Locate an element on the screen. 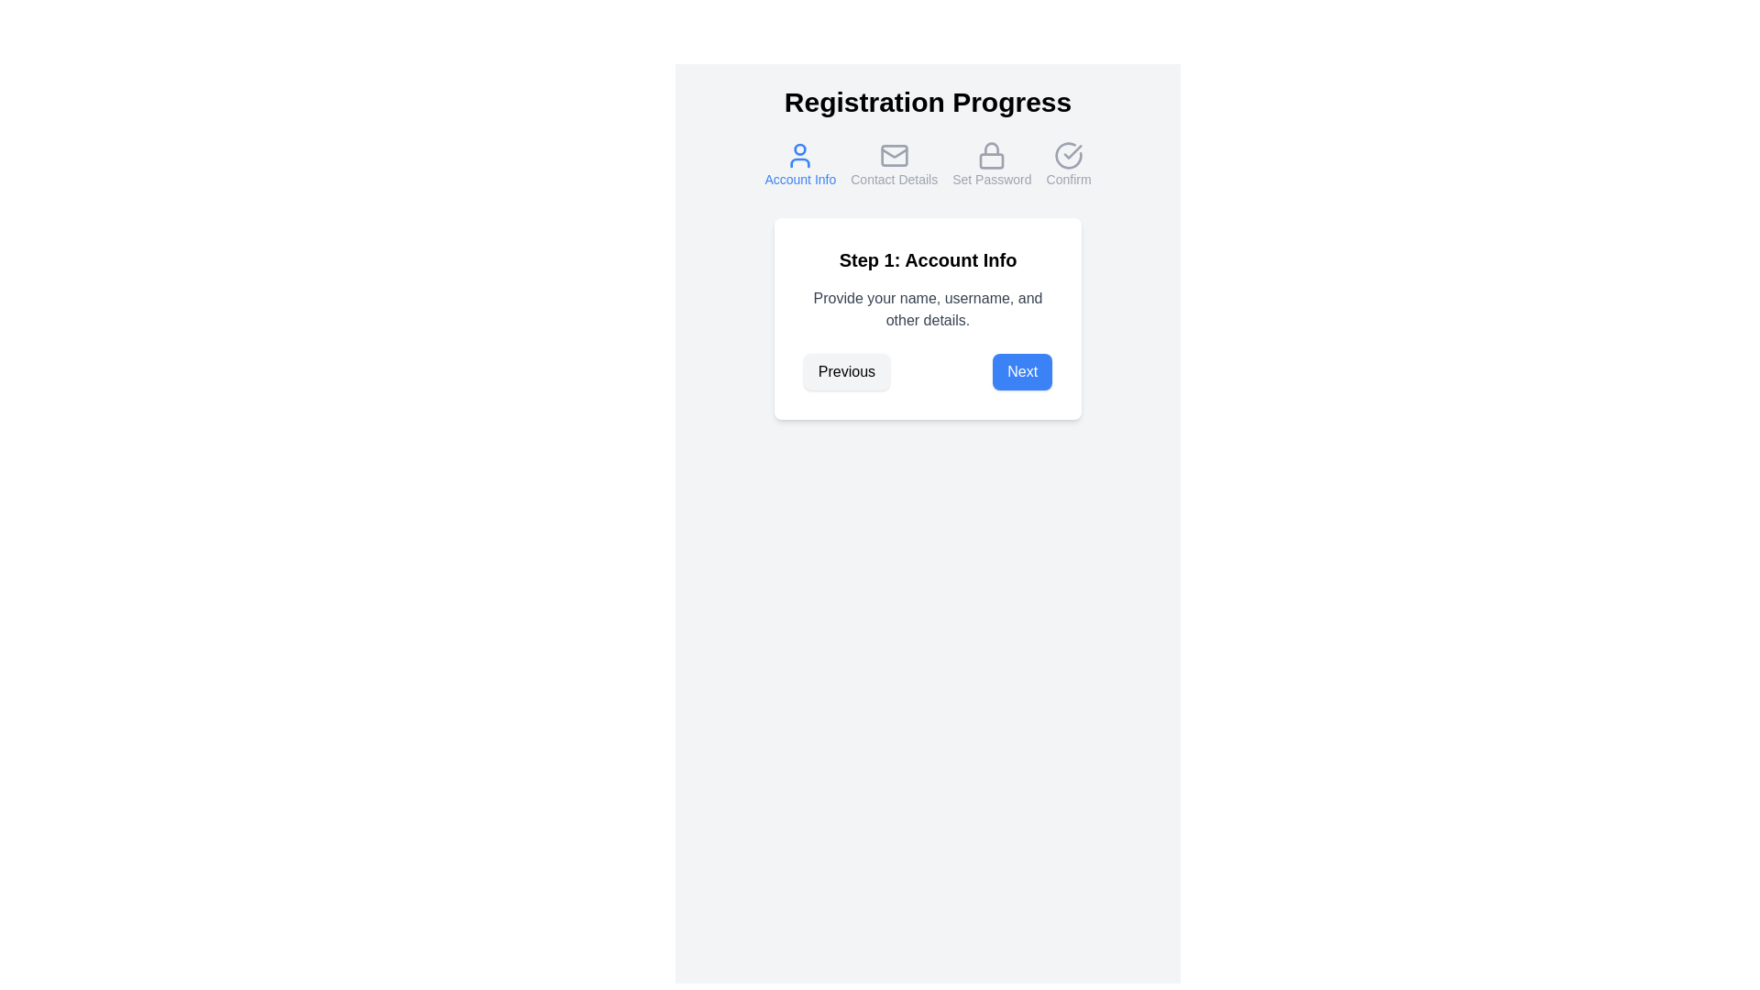 The height and width of the screenshot is (990, 1760). the blue user profile icon representing 'Account Info' to potentially reveal additional information is located at coordinates (800, 154).